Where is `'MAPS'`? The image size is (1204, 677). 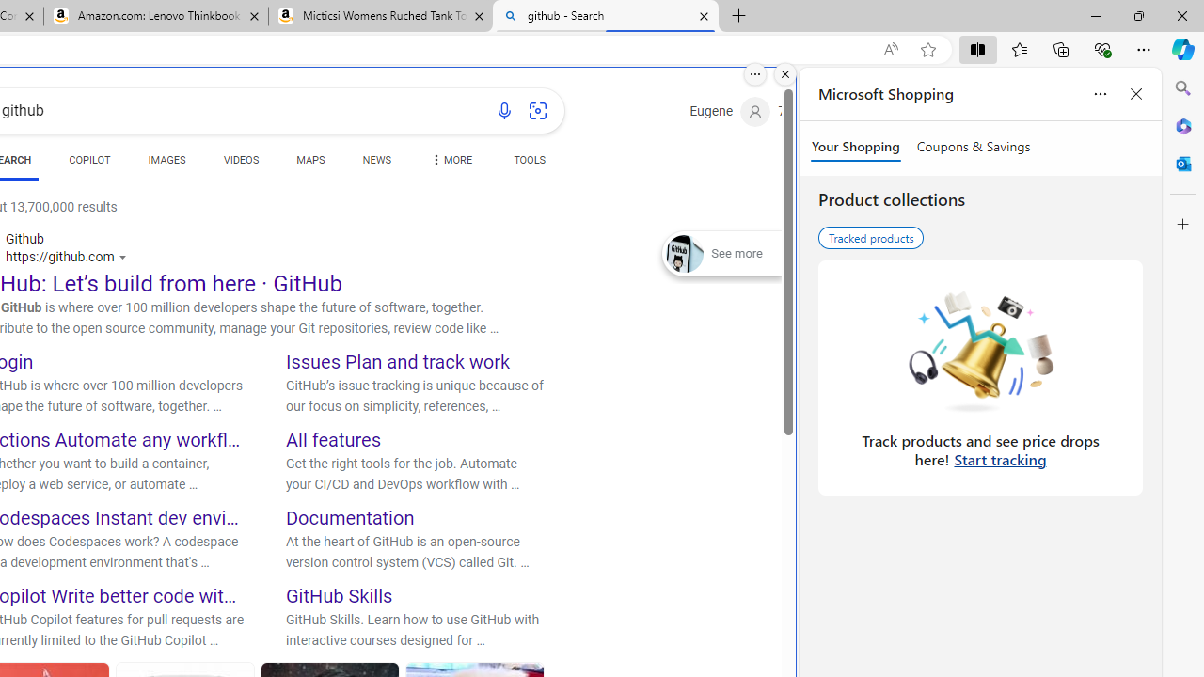
'MAPS' is located at coordinates (310, 160).